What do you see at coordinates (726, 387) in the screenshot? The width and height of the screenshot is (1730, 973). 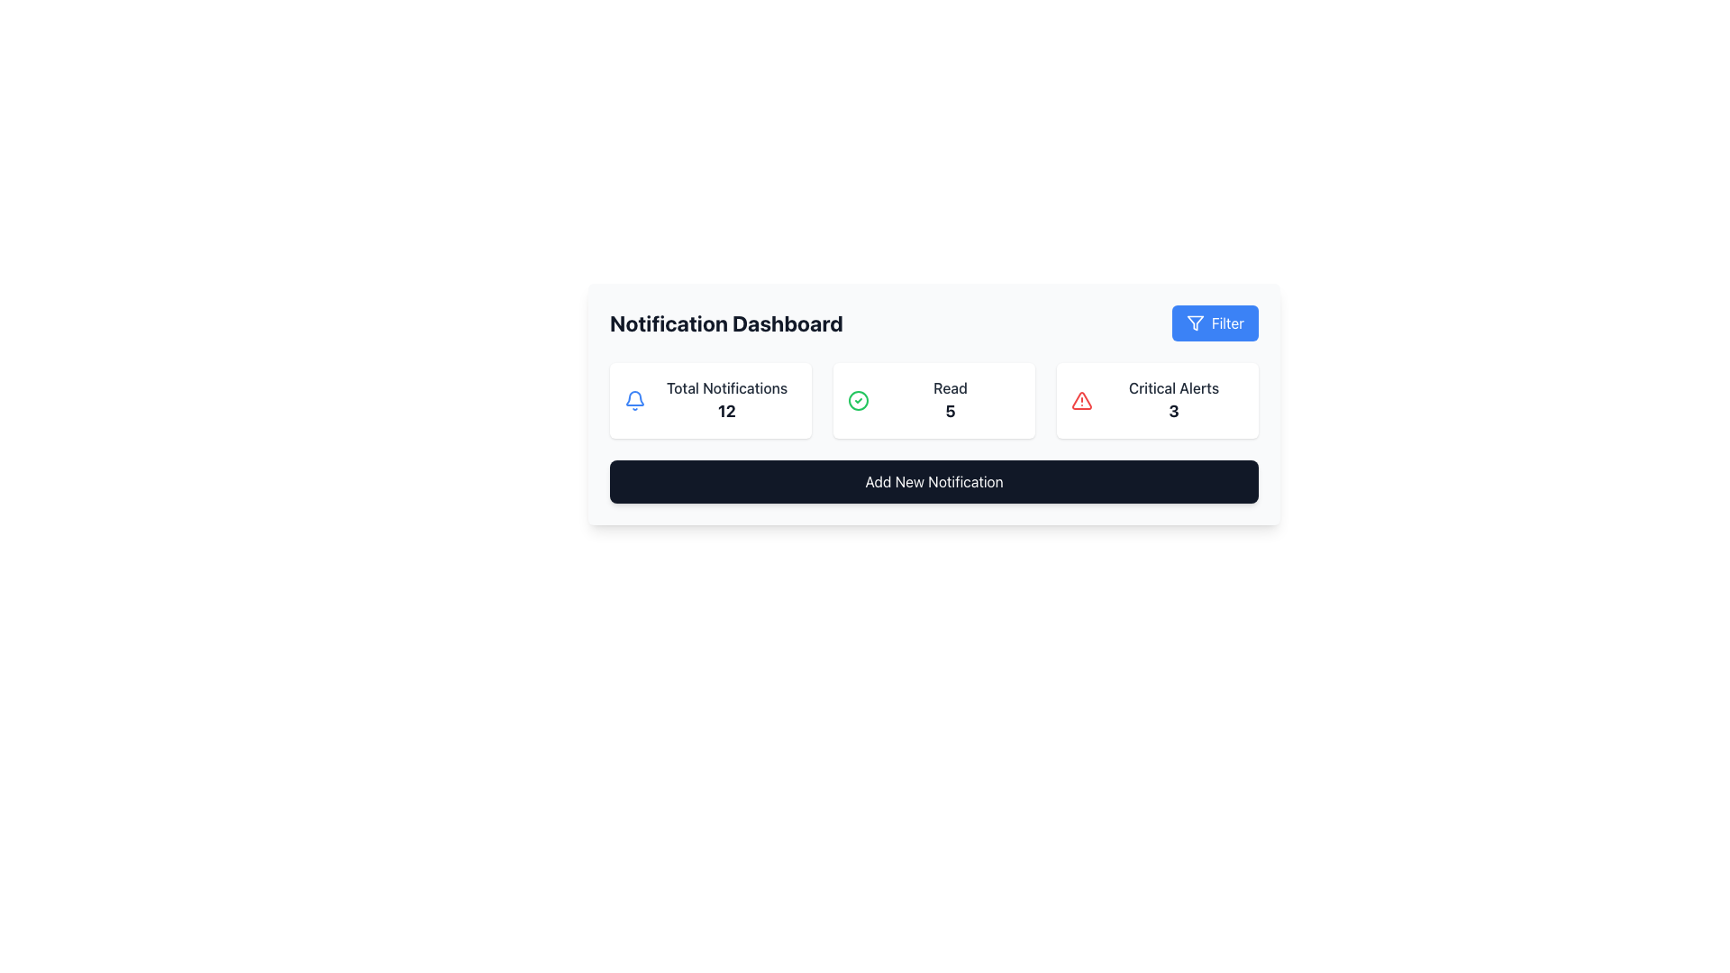 I see `the Text Label that provides a description for the associated notification metric located in the upper-left portion of the notification metrics box, positioned above the sibling element displaying the number '12'` at bounding box center [726, 387].